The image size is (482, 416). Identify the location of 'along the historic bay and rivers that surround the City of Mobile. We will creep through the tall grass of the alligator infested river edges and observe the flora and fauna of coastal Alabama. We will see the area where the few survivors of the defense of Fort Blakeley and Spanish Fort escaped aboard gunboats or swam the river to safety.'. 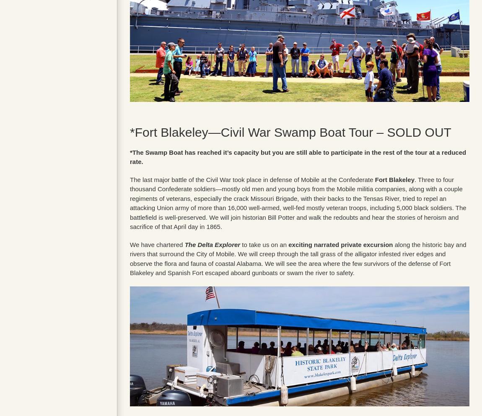
(298, 258).